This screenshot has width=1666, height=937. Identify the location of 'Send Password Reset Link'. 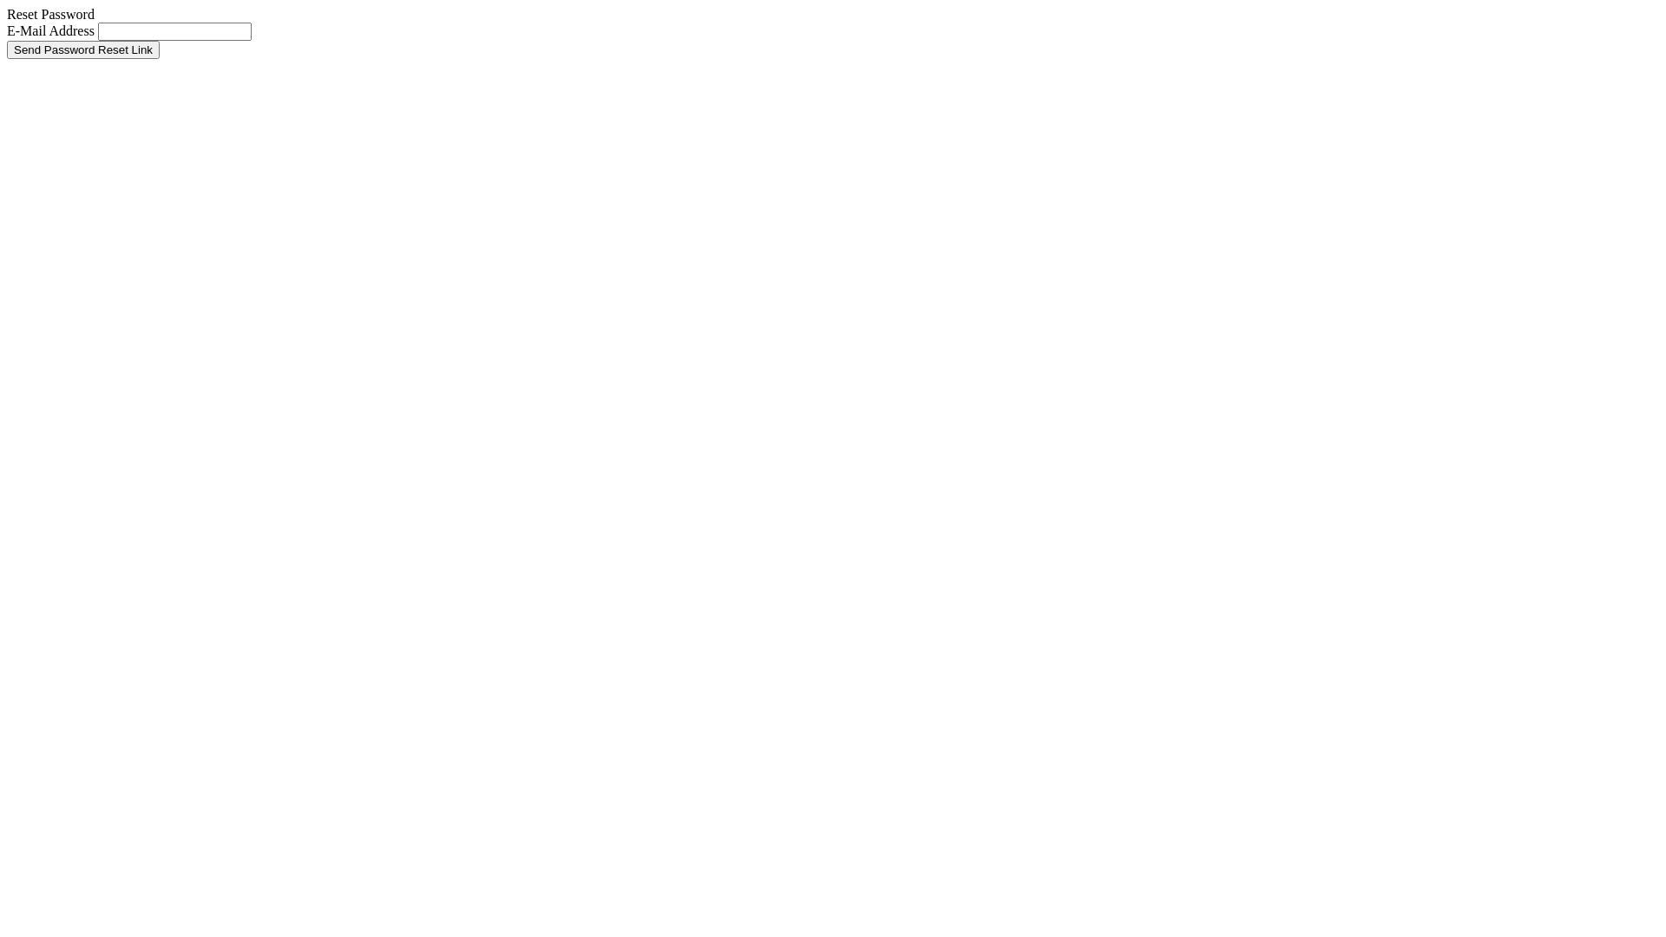
(82, 49).